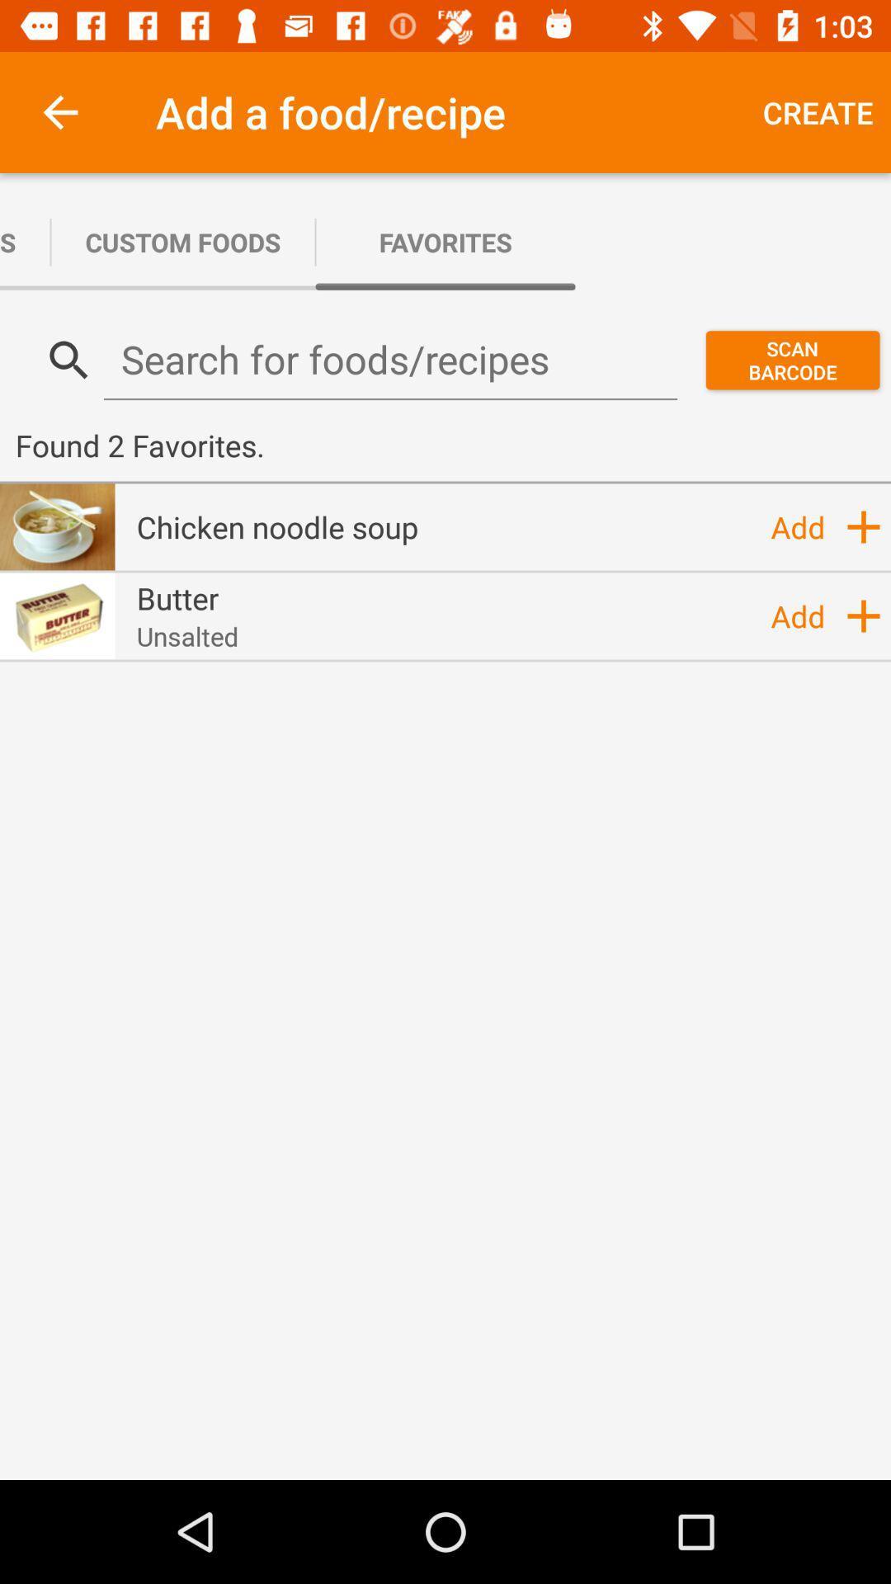  What do you see at coordinates (862, 526) in the screenshot?
I see `icon above the add icon` at bounding box center [862, 526].